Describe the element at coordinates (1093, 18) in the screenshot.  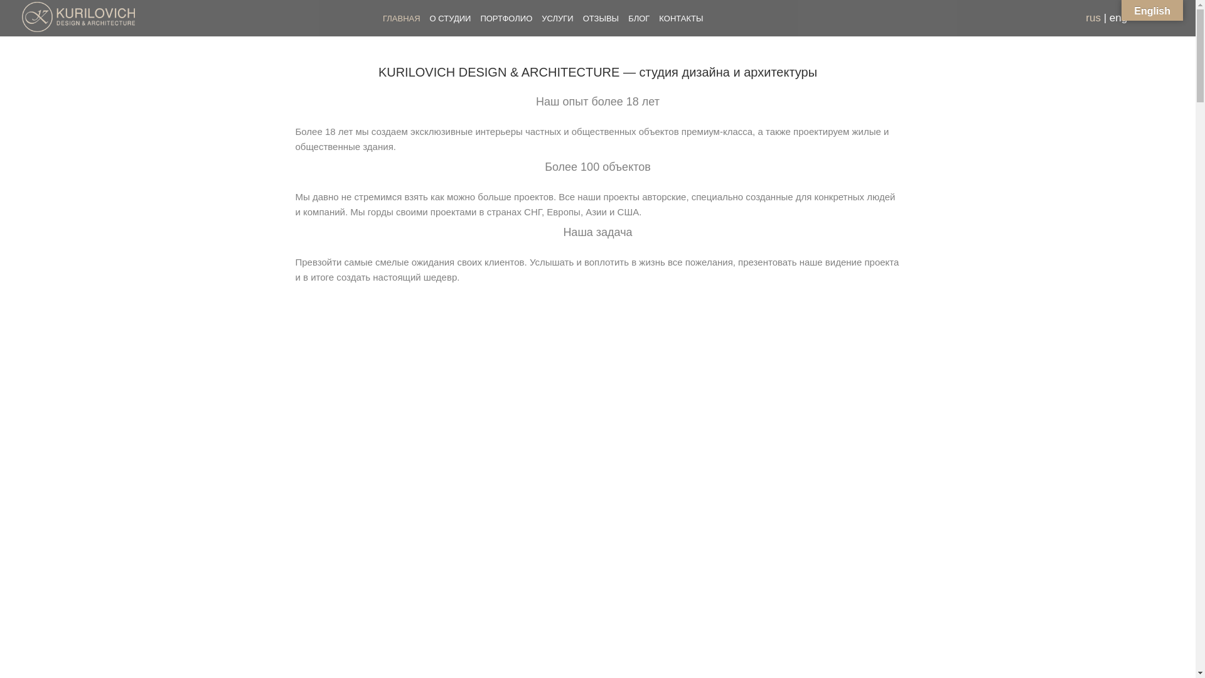
I see `'rus'` at that location.